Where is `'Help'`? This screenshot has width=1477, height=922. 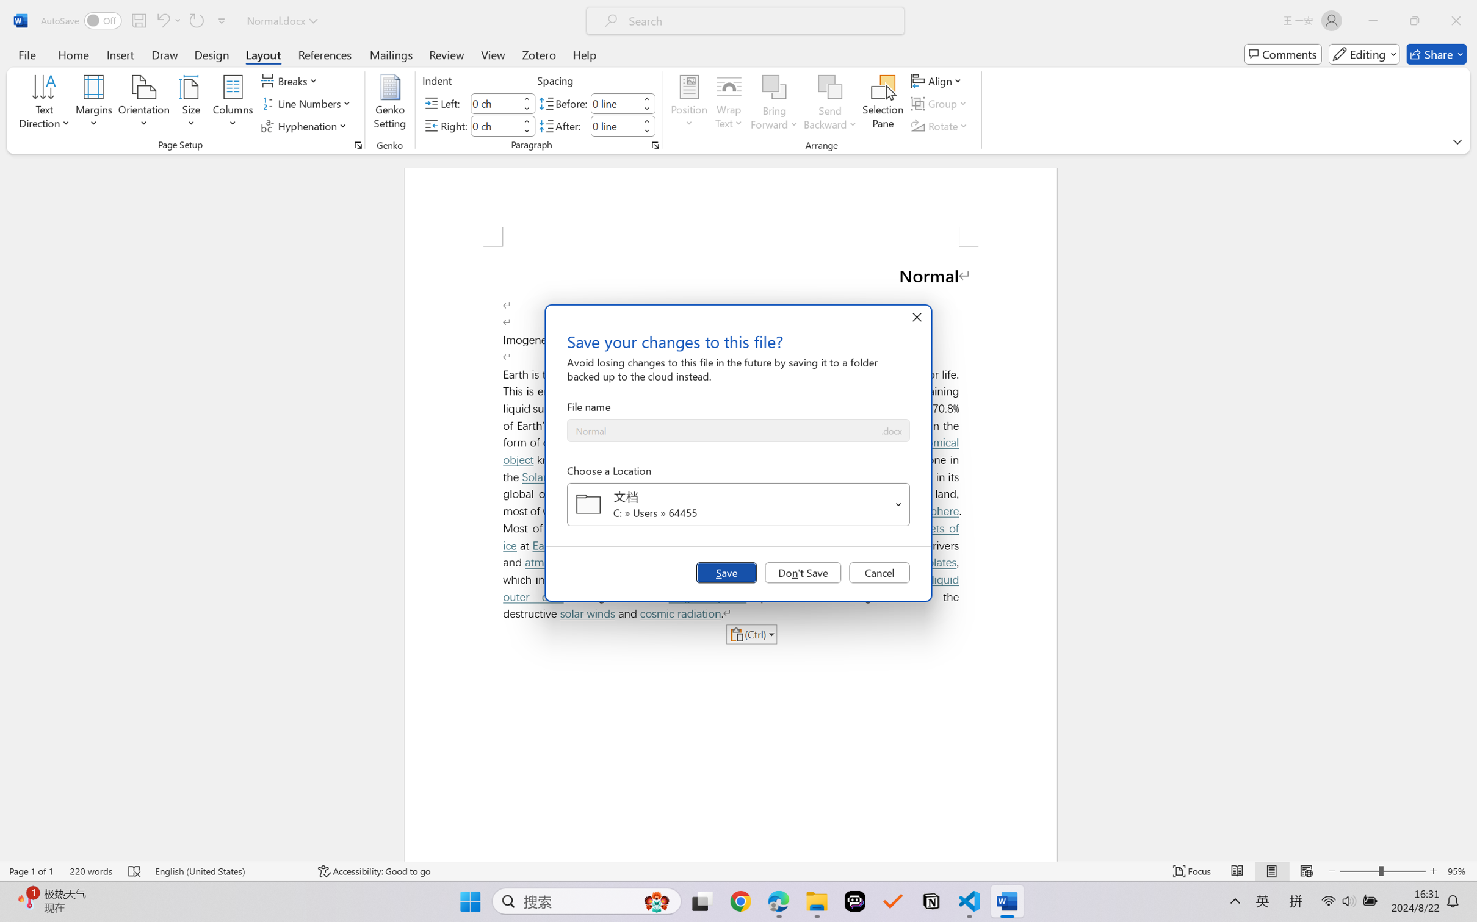
'Help' is located at coordinates (583, 54).